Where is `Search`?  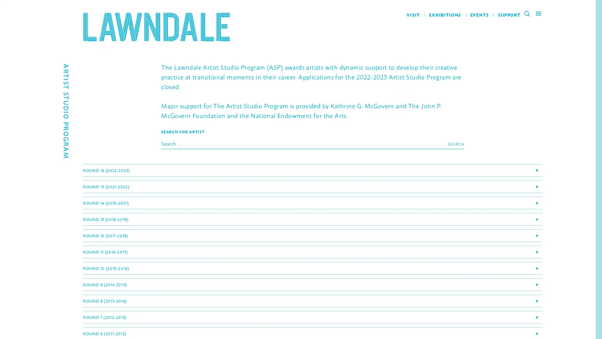 Search is located at coordinates (529, 14).